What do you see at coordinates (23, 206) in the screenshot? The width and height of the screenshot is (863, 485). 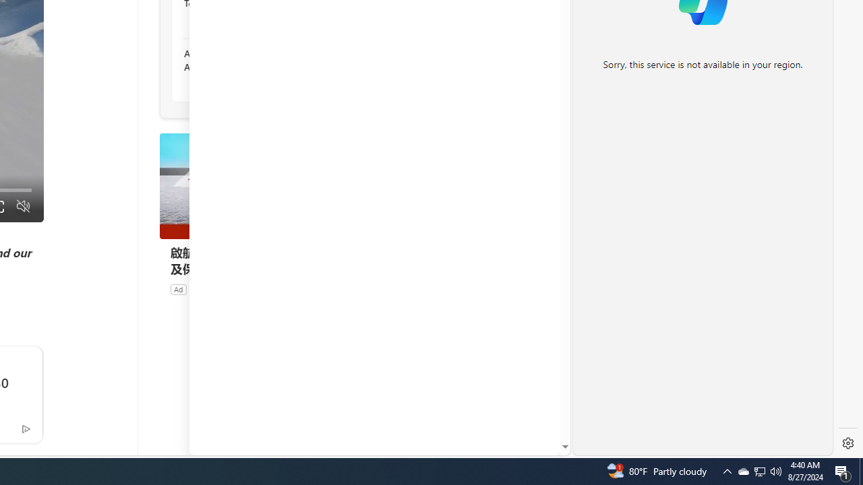 I see `'Unmute'` at bounding box center [23, 206].